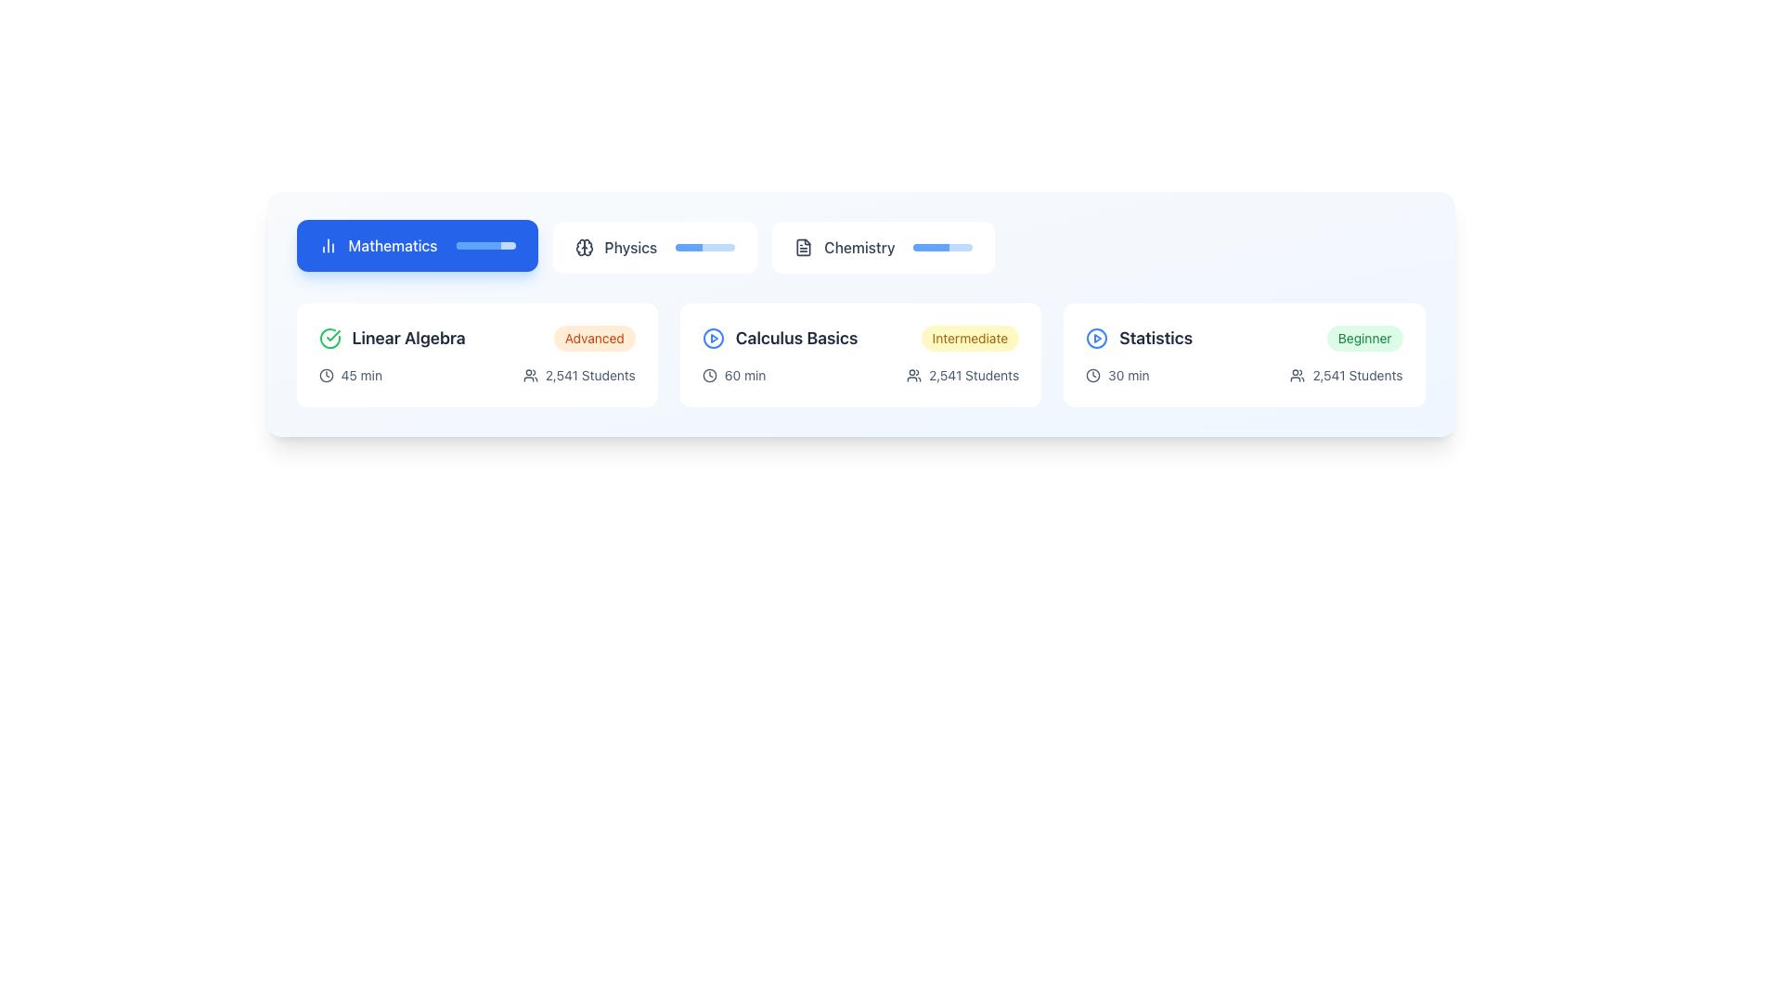 The height and width of the screenshot is (1002, 1782). I want to click on the informational Text Label displaying the number of students engaged with the course, located in the 'Statistics' course panel, aligned right of the people icon, so click(1358, 376).